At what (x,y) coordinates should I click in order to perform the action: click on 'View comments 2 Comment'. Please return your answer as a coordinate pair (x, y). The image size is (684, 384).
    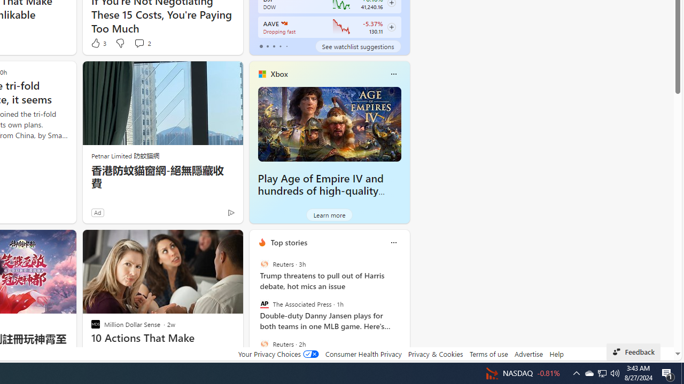
    Looking at the image, I should click on (142, 43).